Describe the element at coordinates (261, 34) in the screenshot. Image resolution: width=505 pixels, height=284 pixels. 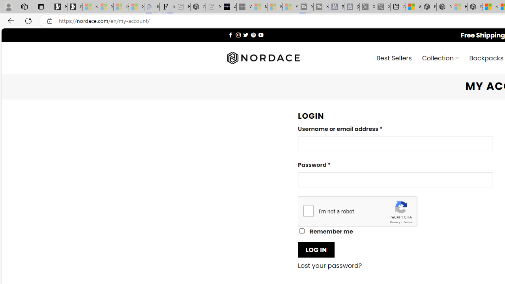
I see `'Follow on YouTube'` at that location.